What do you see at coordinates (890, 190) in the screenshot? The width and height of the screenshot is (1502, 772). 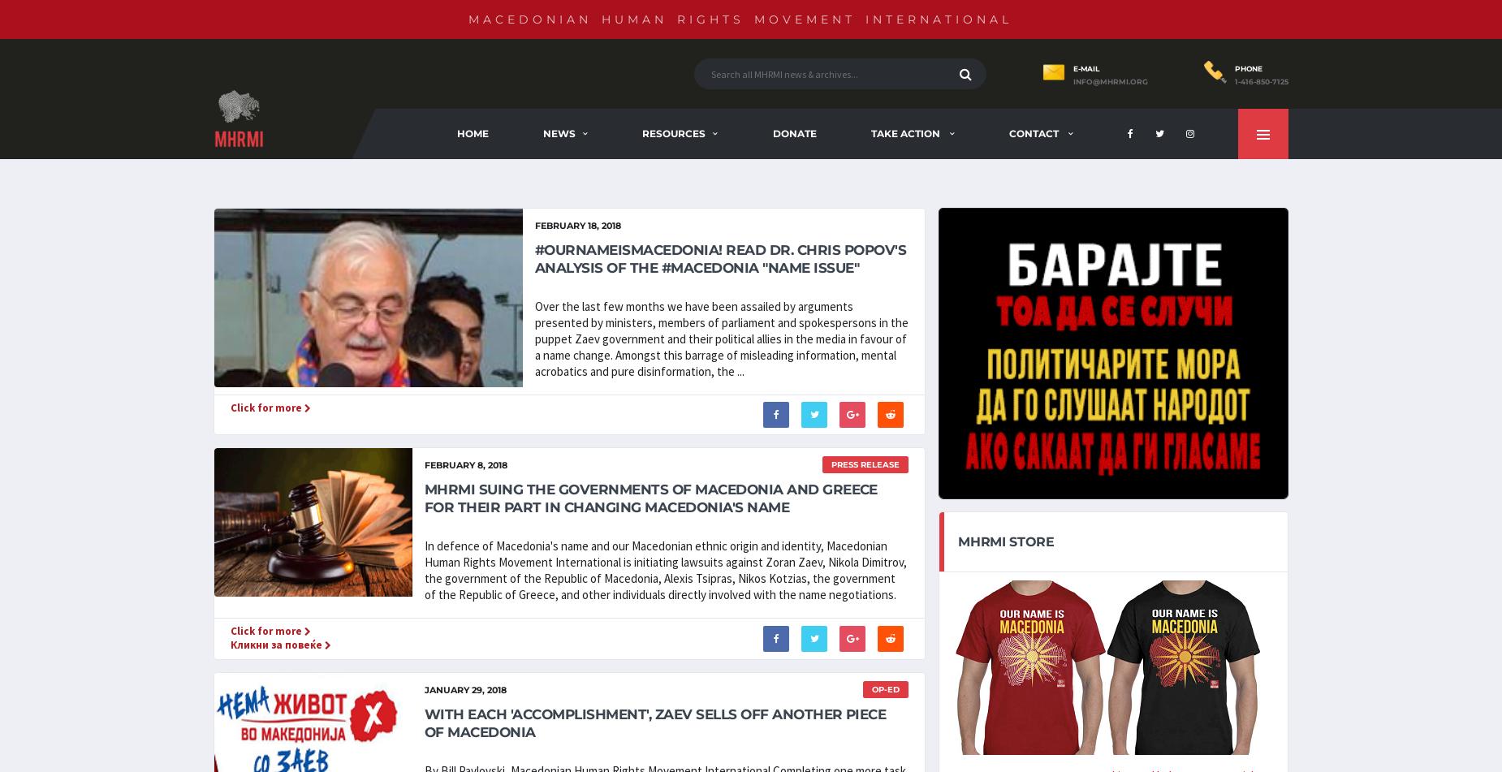 I see `'Greek Discrimination Against Ethnic Macedonians'` at bounding box center [890, 190].